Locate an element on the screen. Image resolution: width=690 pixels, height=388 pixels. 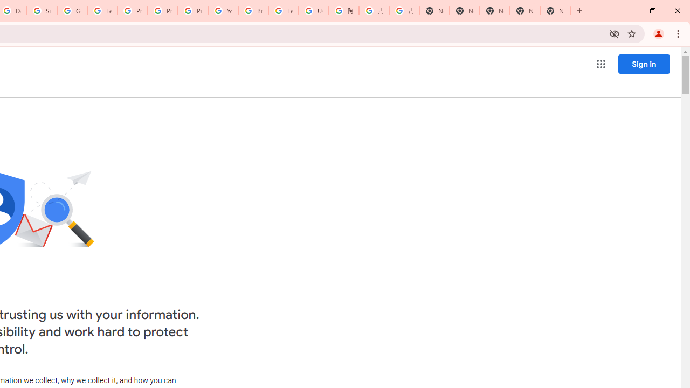
'Privacy Help Center - Policies Help' is located at coordinates (162, 11).